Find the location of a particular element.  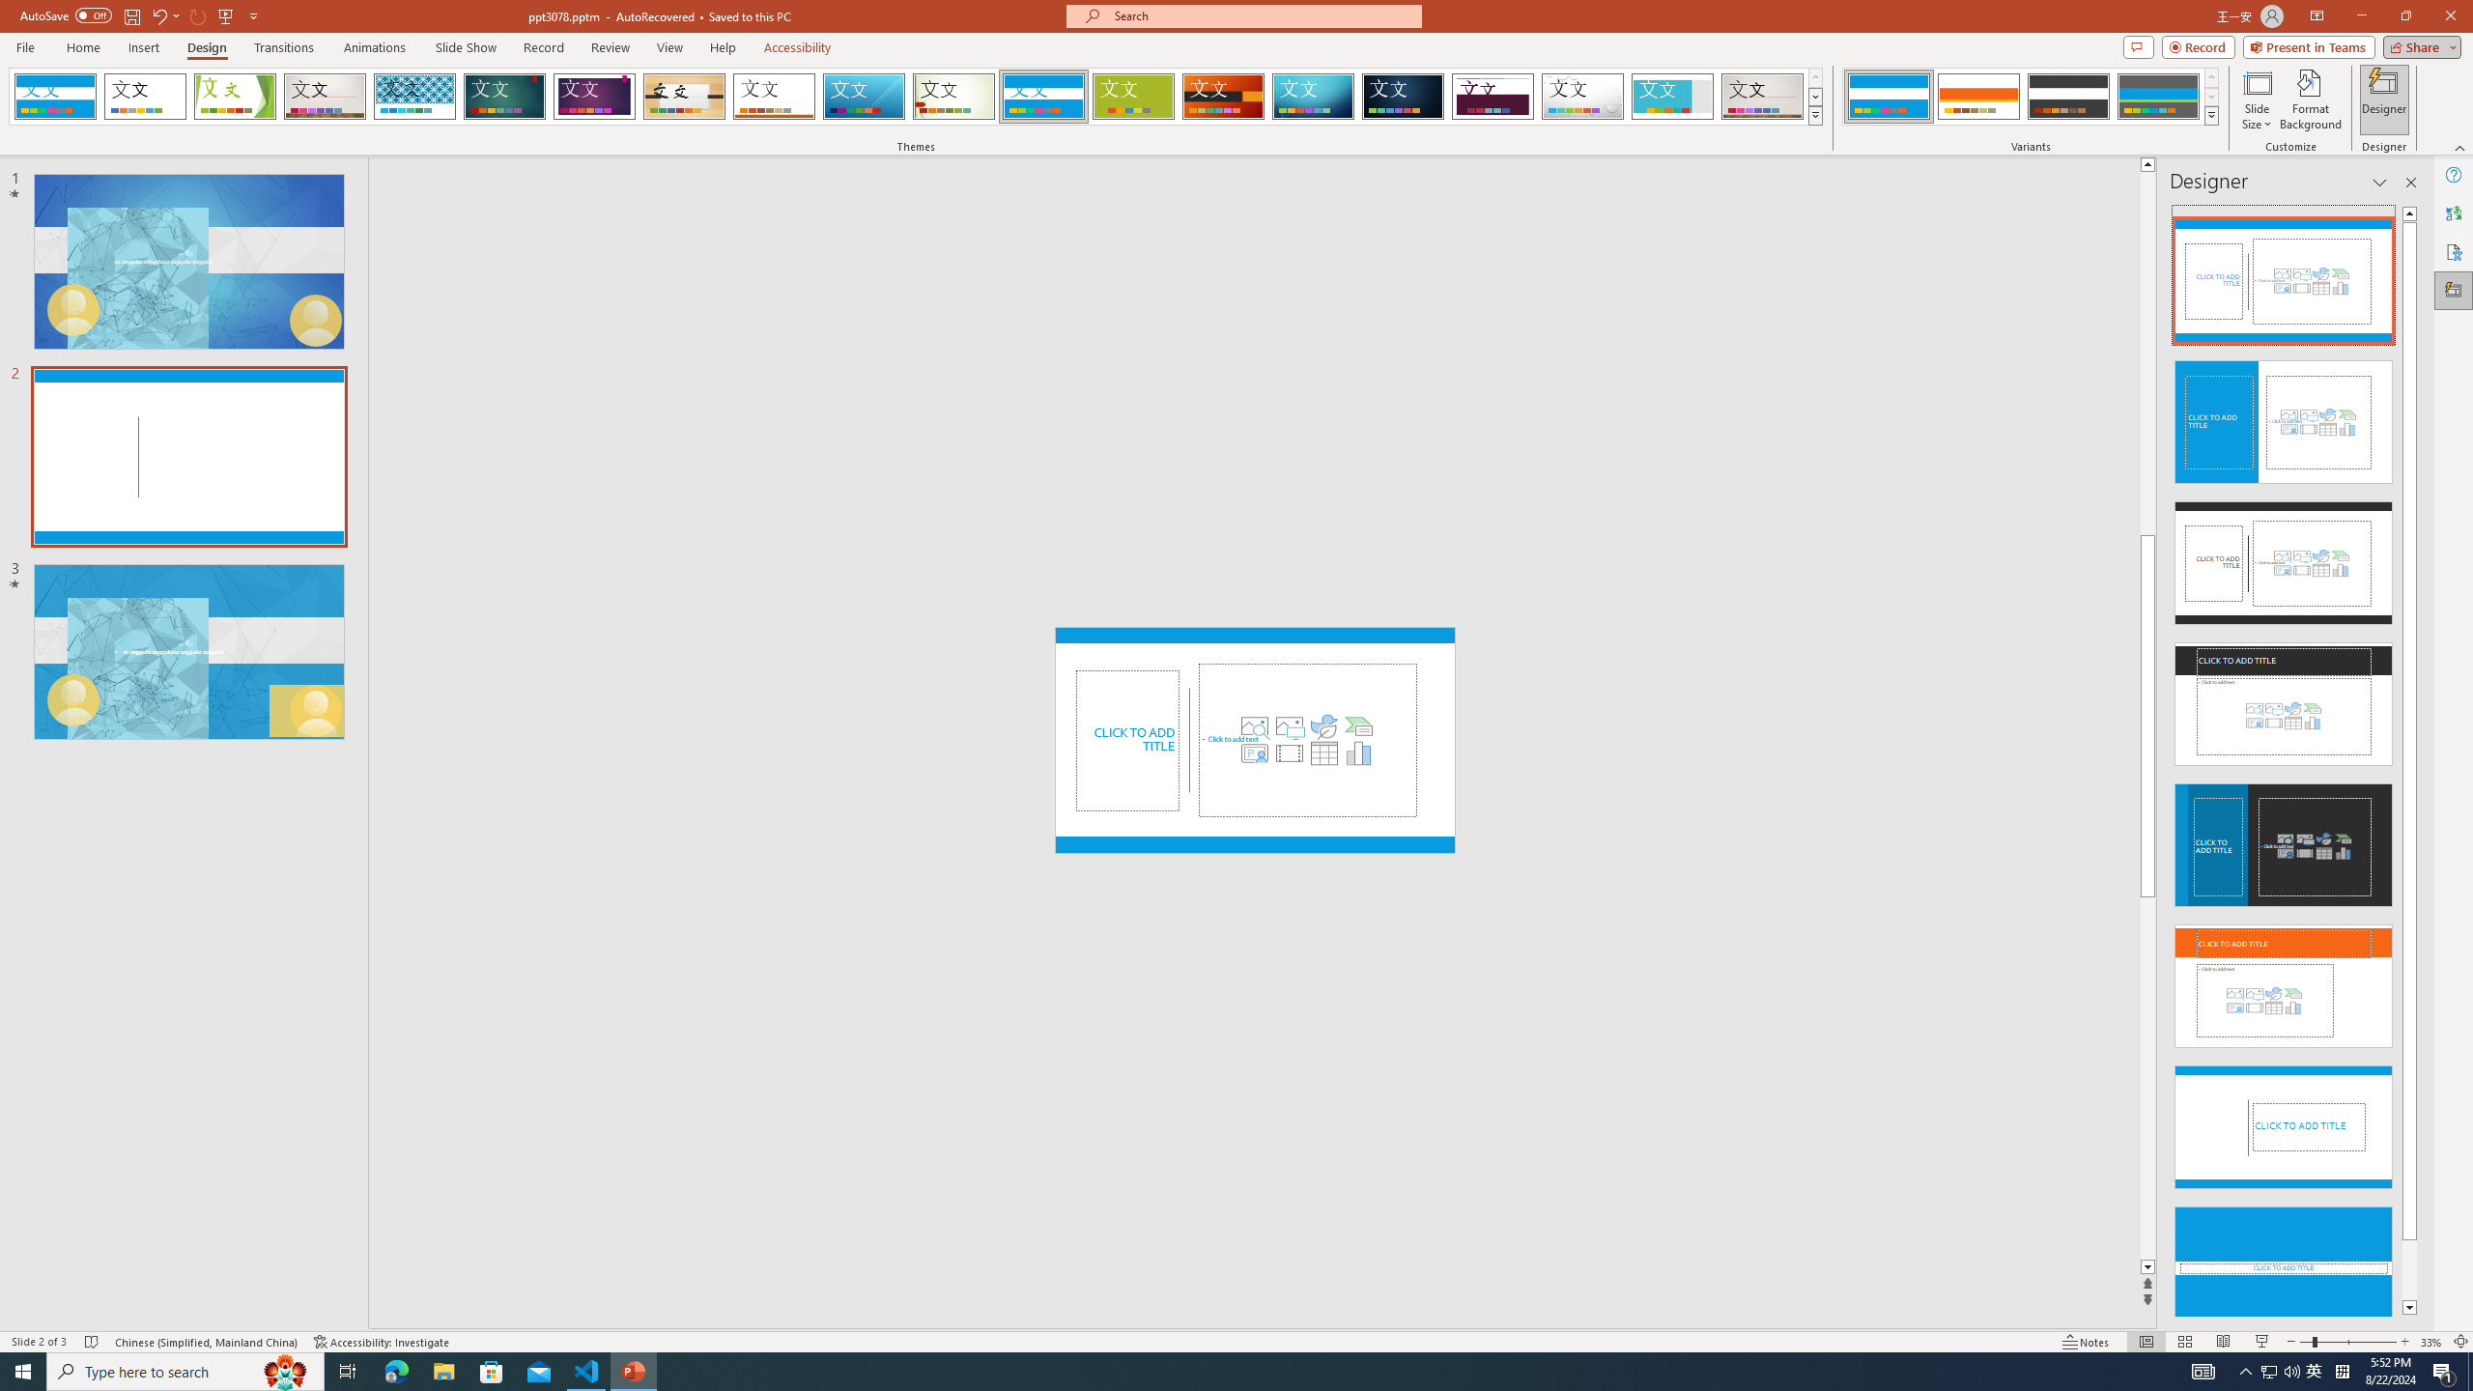

'Banded Variant 2' is located at coordinates (1977, 96).